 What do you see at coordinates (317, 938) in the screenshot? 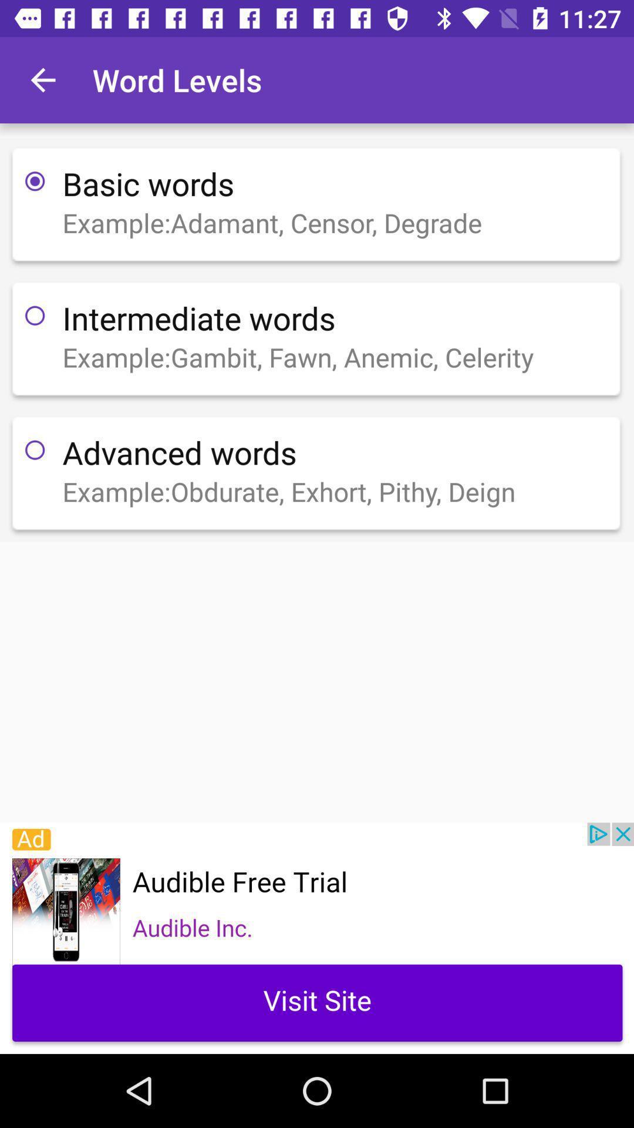
I see `advertisement page` at bounding box center [317, 938].